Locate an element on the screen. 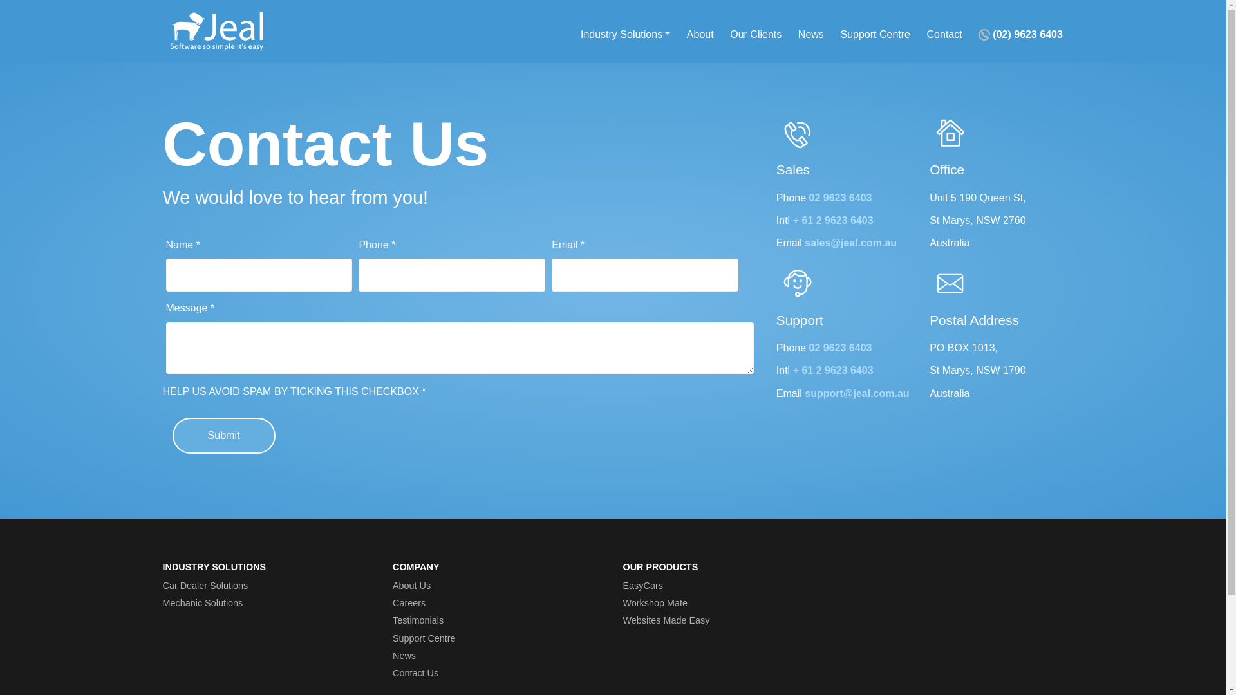 The image size is (1236, 695). 'Support Centre' is located at coordinates (875, 33).